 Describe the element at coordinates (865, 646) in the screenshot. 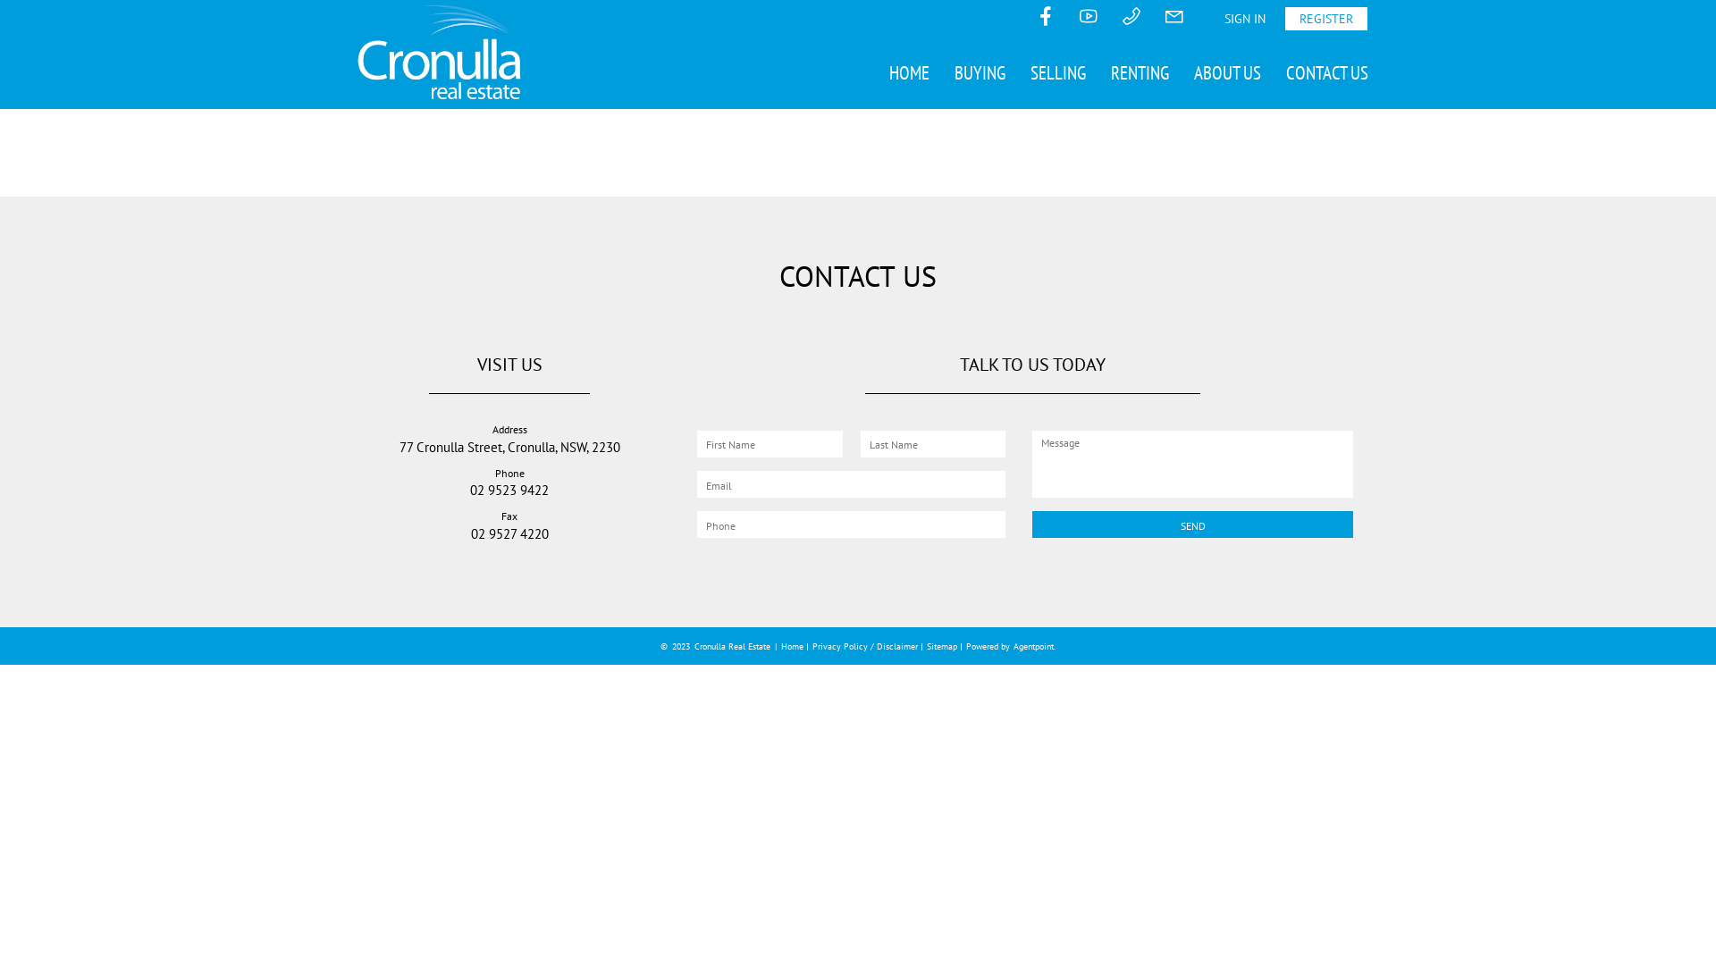

I see `'Privacy Policy / Disclaimer'` at that location.